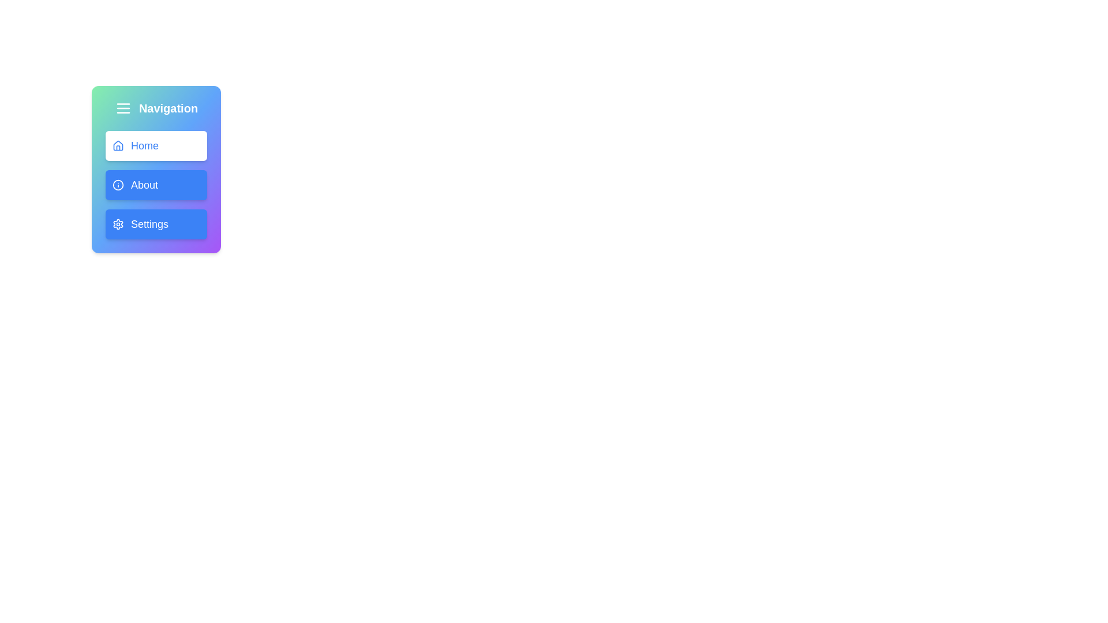  I want to click on the top navigation button that redirects to the 'Home' section to observe the hover effects, so click(155, 145).